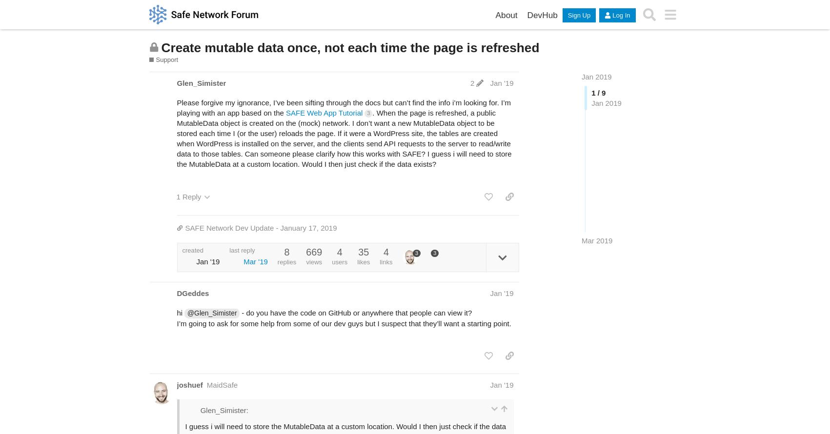 The image size is (830, 434). Describe the element at coordinates (222, 385) in the screenshot. I see `'MaidSafe'` at that location.